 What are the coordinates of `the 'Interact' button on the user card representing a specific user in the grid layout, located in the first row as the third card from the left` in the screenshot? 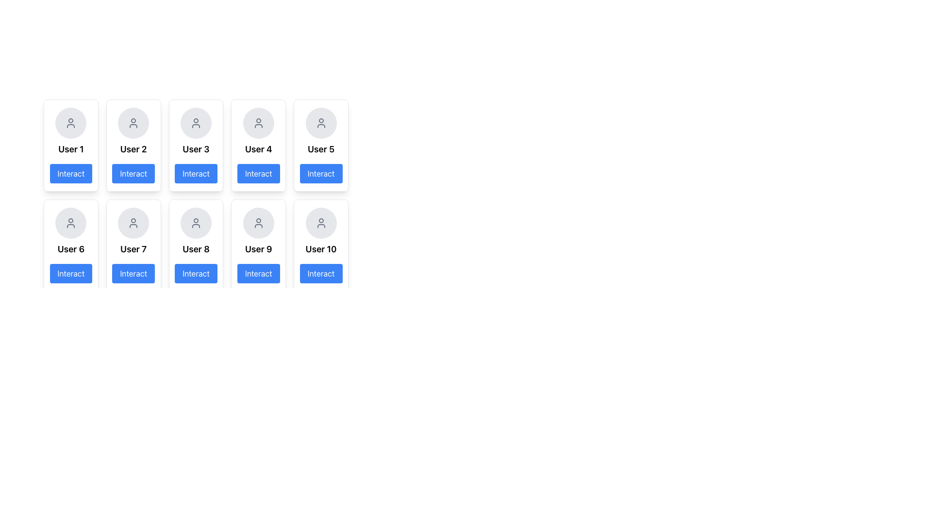 It's located at (195, 184).